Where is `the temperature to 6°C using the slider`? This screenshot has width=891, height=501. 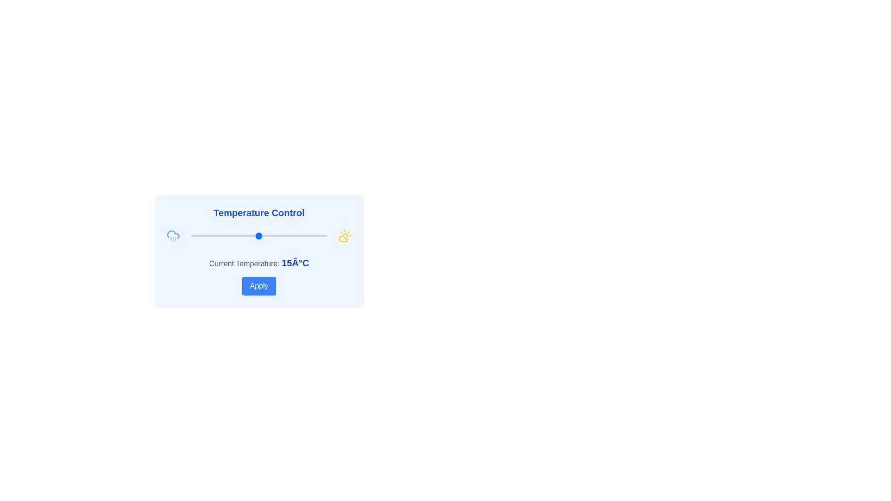 the temperature to 6°C using the slider is located at coordinates (234, 236).